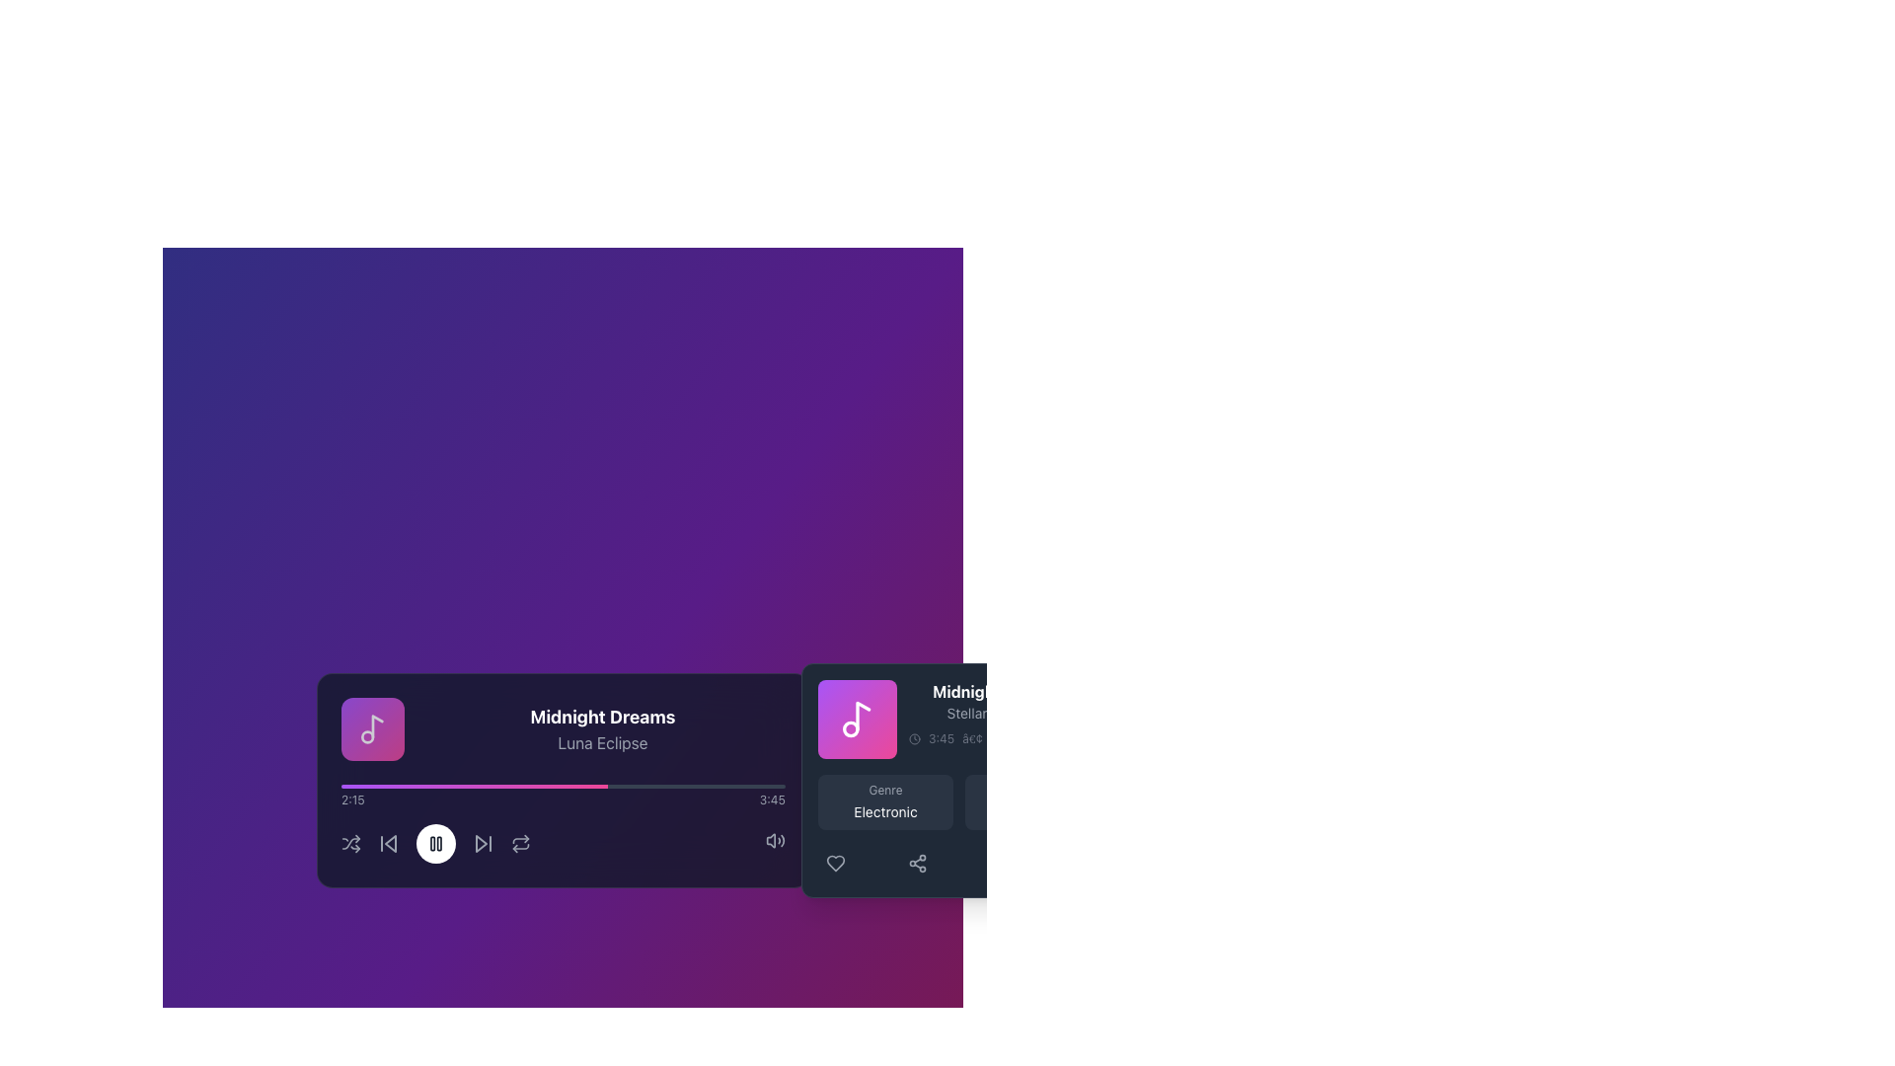 The width and height of the screenshot is (1895, 1066). What do you see at coordinates (562, 786) in the screenshot?
I see `the progress of the horizontal progress bar, which has a light gray background and a vibrant gradient filling from purple to pink, situated above the playback controls in the music player interface` at bounding box center [562, 786].